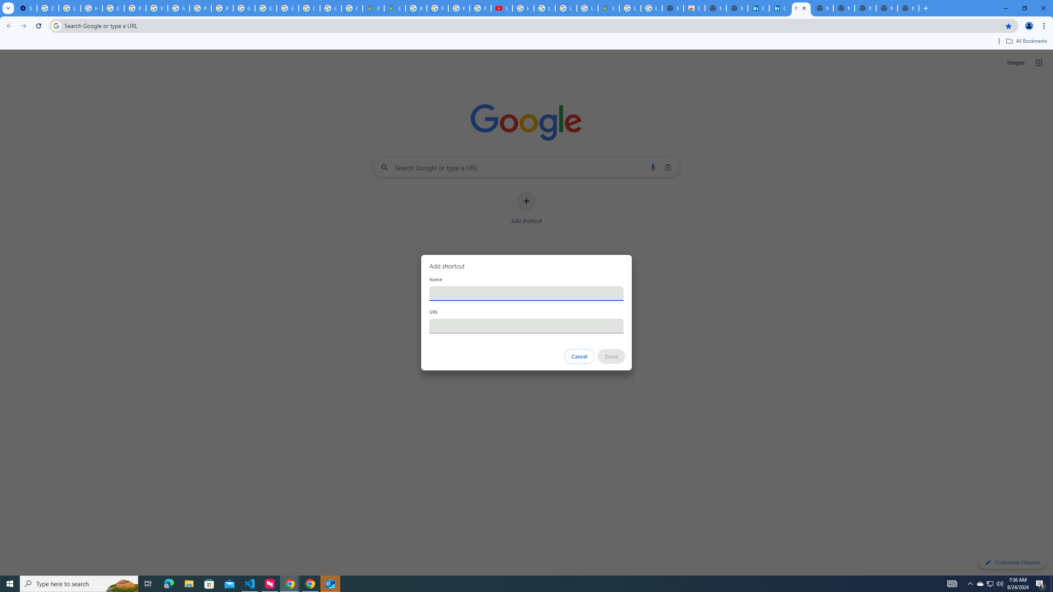 The width and height of the screenshot is (1053, 592). I want to click on 'Done', so click(612, 356).